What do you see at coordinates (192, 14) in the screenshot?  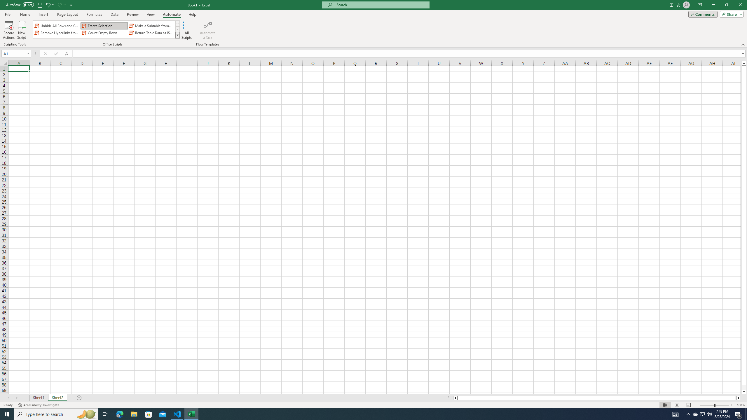 I see `'Help'` at bounding box center [192, 14].